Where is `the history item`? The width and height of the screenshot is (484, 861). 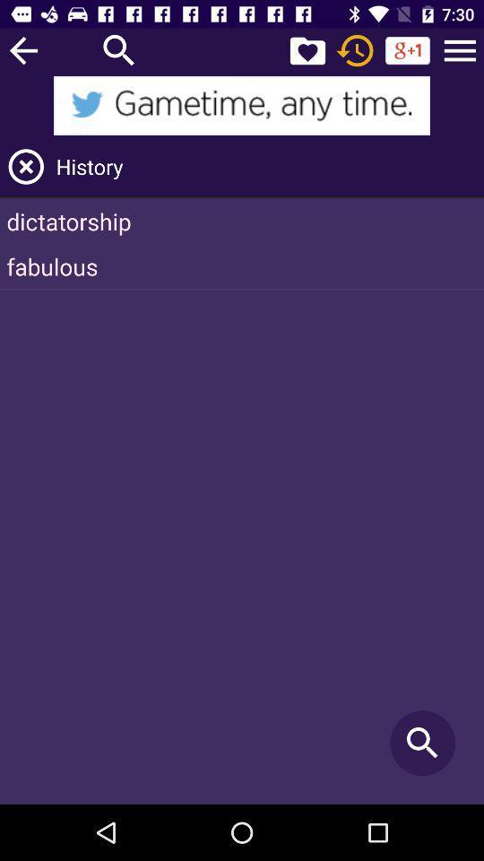
the history item is located at coordinates (266, 166).